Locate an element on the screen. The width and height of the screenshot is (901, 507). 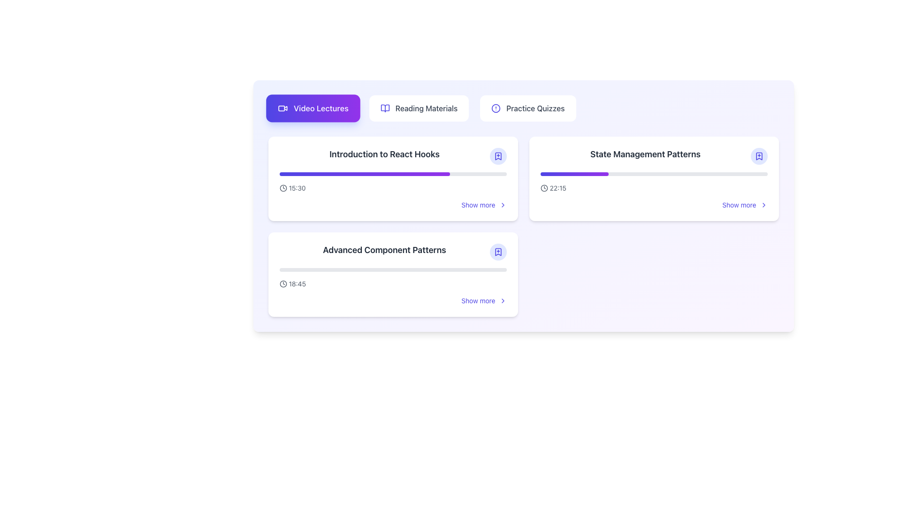
the Time indicator element located beneath the 'Advanced Component Patterns' section, which includes an icon and text is located at coordinates (292, 284).